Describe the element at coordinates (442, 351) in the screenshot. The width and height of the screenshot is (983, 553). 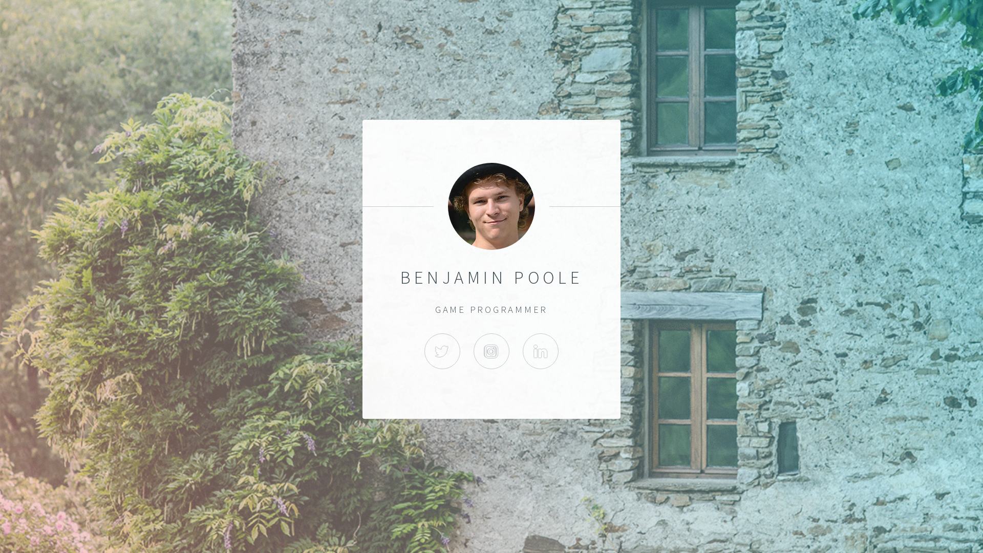
I see `'TWITTER'` at that location.